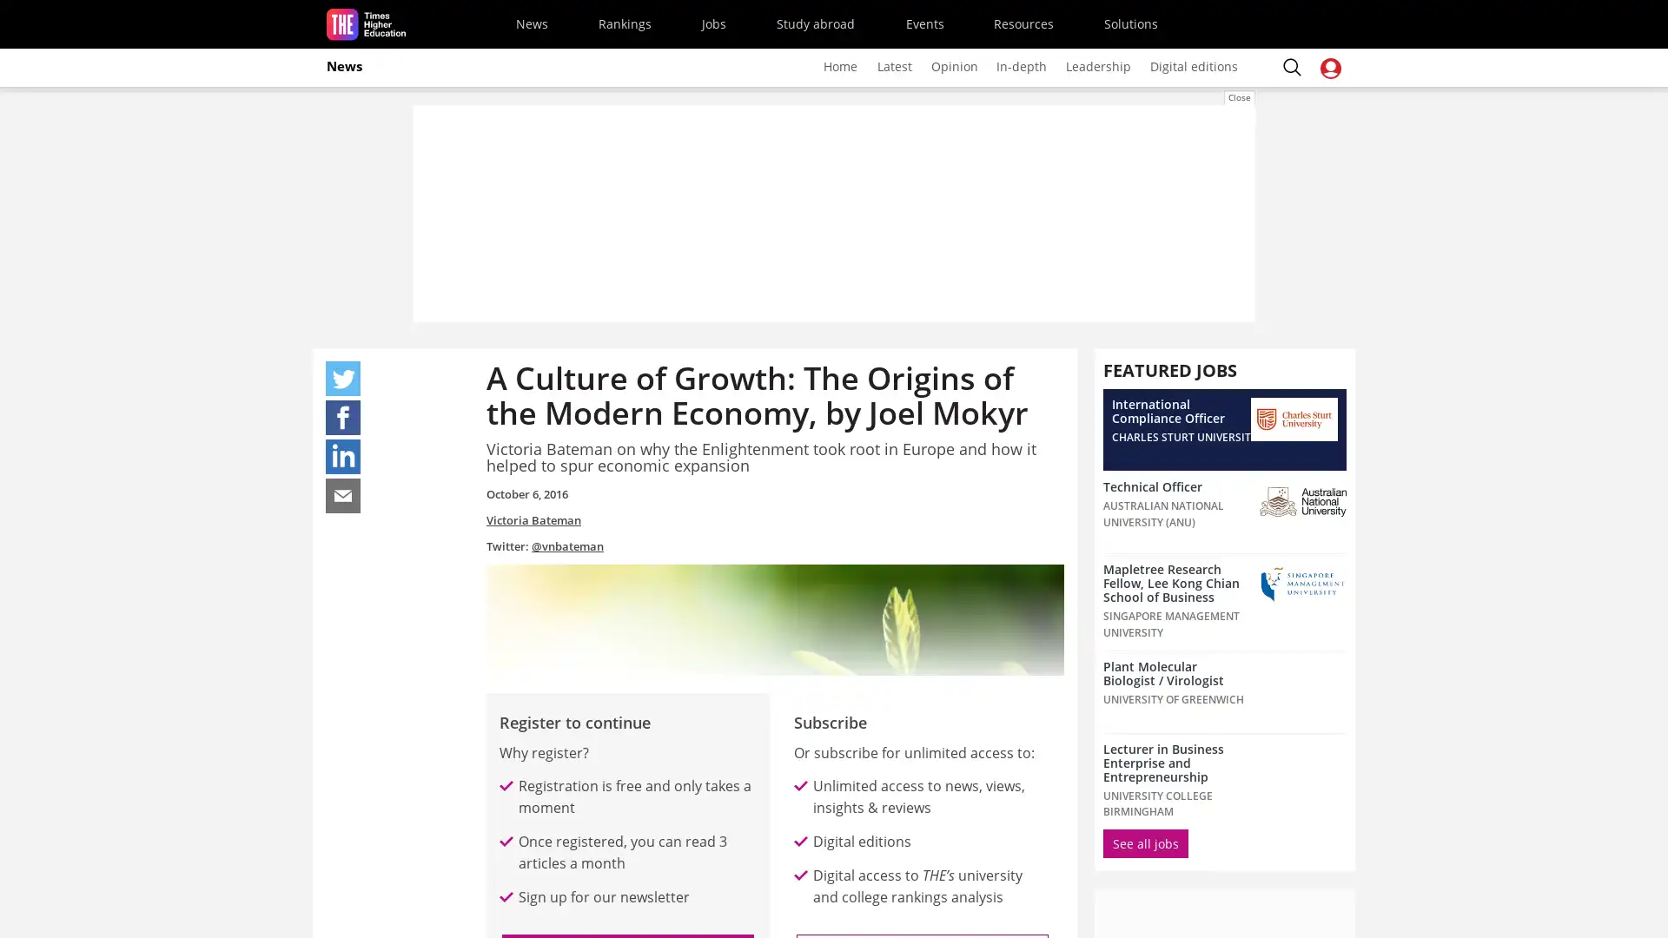  What do you see at coordinates (1329, 67) in the screenshot?
I see `User account` at bounding box center [1329, 67].